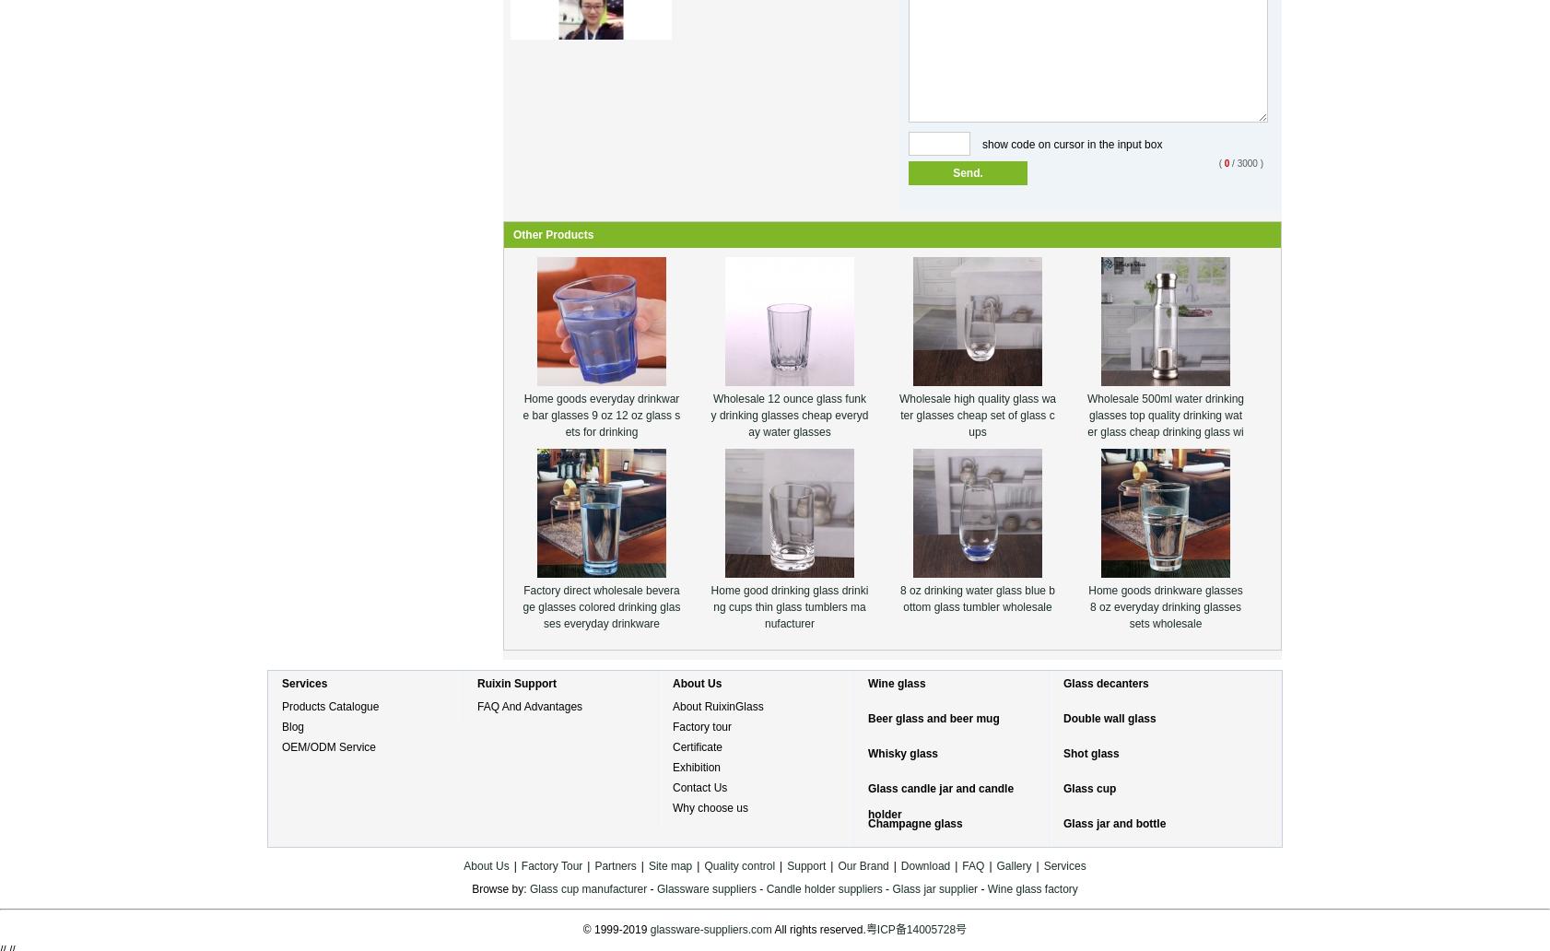 Image resolution: width=1550 pixels, height=951 pixels. What do you see at coordinates (710, 928) in the screenshot?
I see `'glassware-suppliers.com'` at bounding box center [710, 928].